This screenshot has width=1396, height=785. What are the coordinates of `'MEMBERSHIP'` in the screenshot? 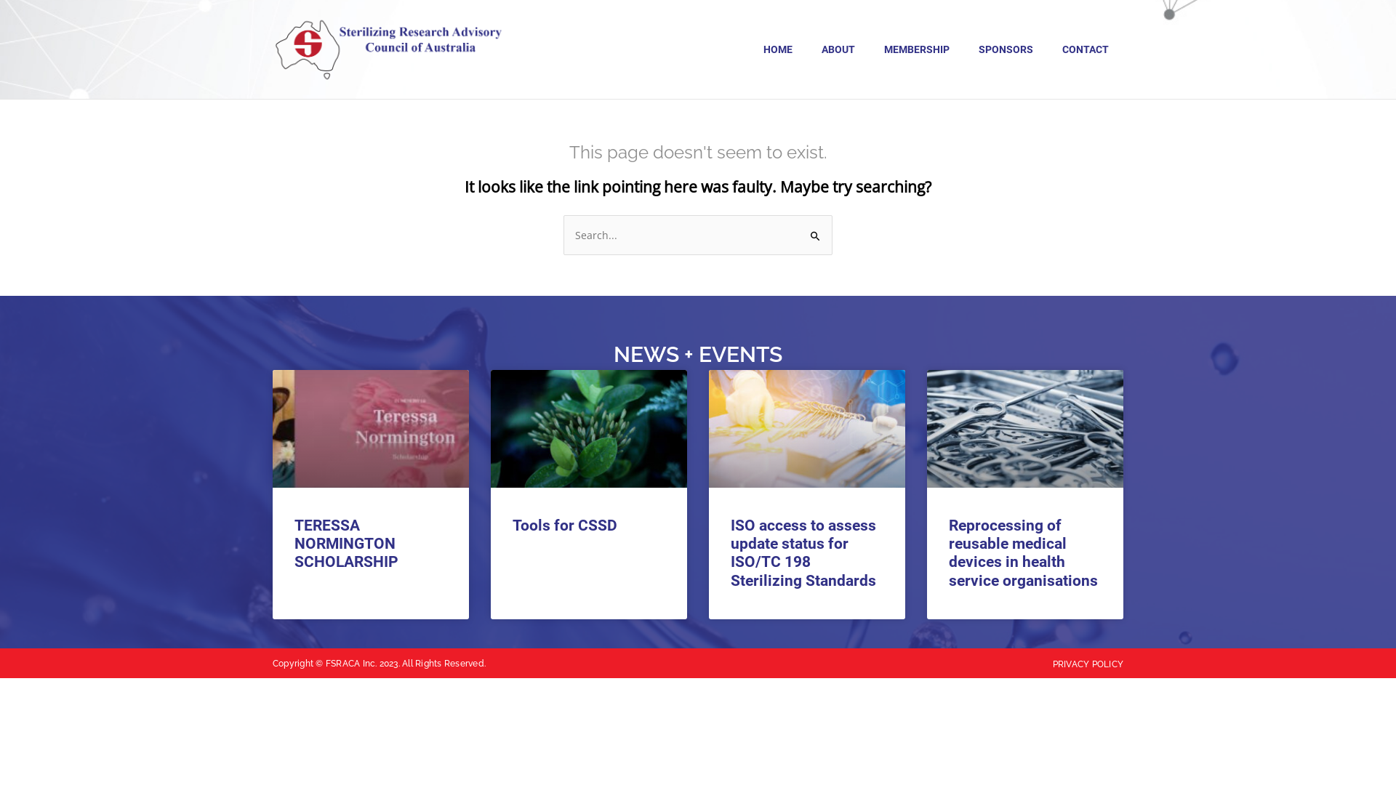 It's located at (916, 49).